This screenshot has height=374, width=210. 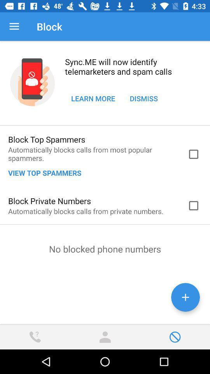 What do you see at coordinates (143, 98) in the screenshot?
I see `dismiss item` at bounding box center [143, 98].